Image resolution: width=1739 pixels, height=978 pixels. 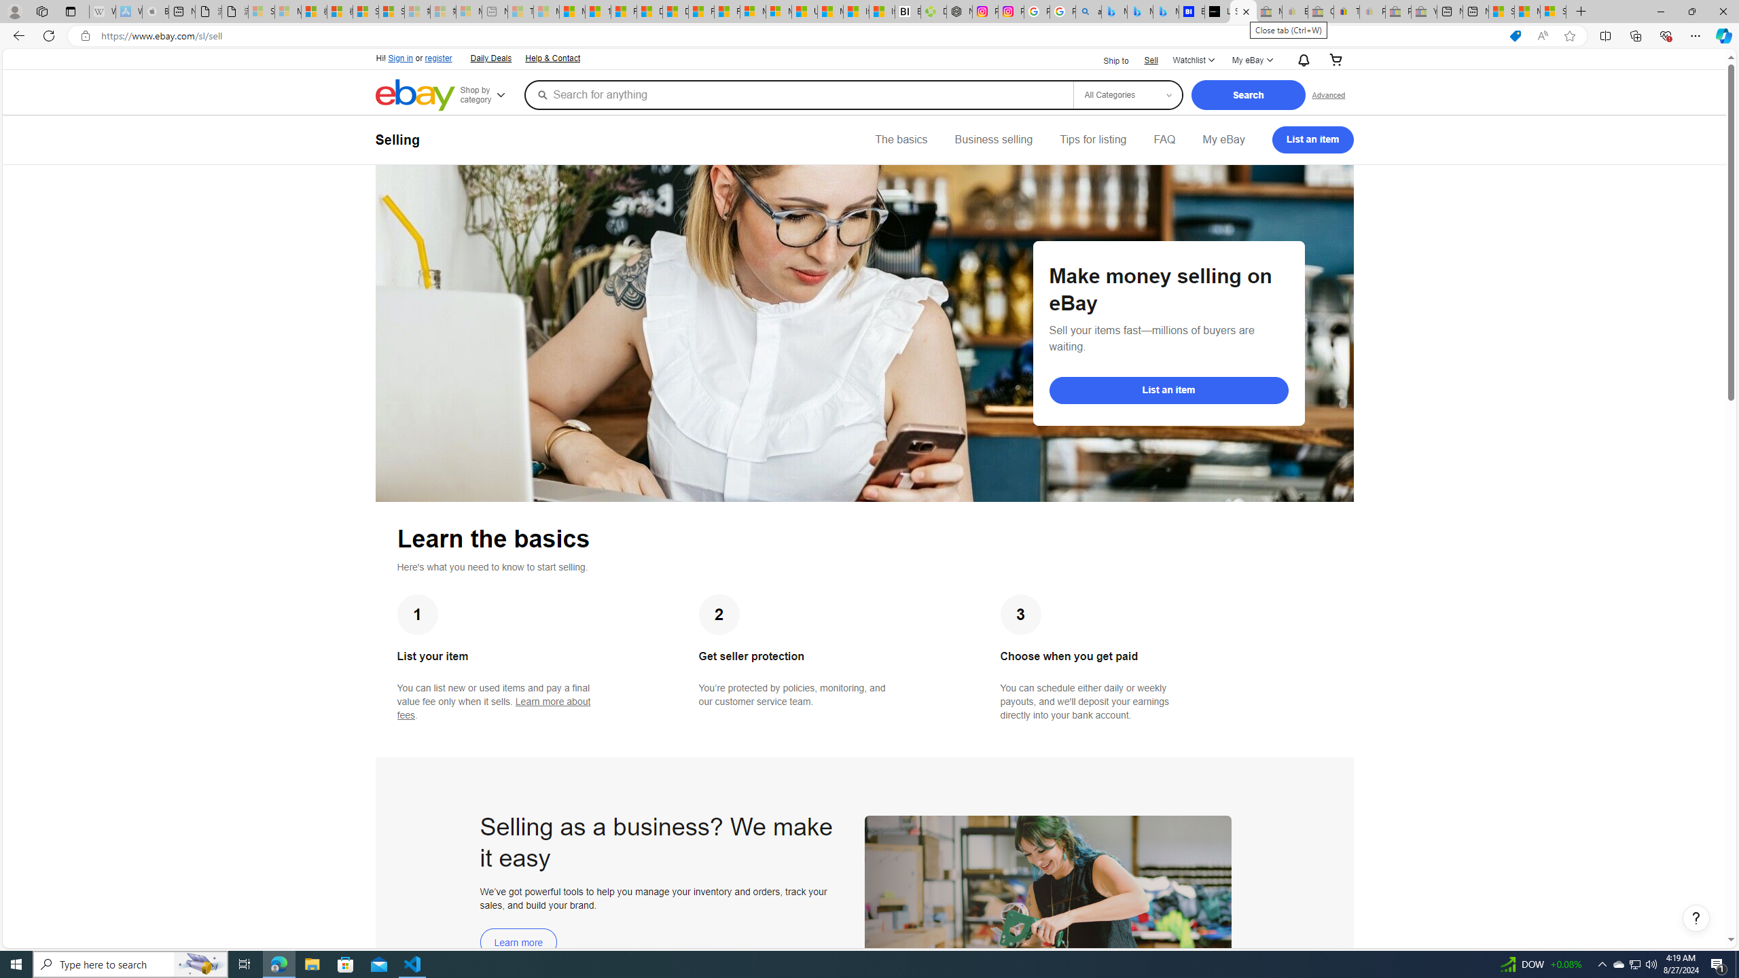 What do you see at coordinates (1193, 60) in the screenshot?
I see `'Watchlist'` at bounding box center [1193, 60].